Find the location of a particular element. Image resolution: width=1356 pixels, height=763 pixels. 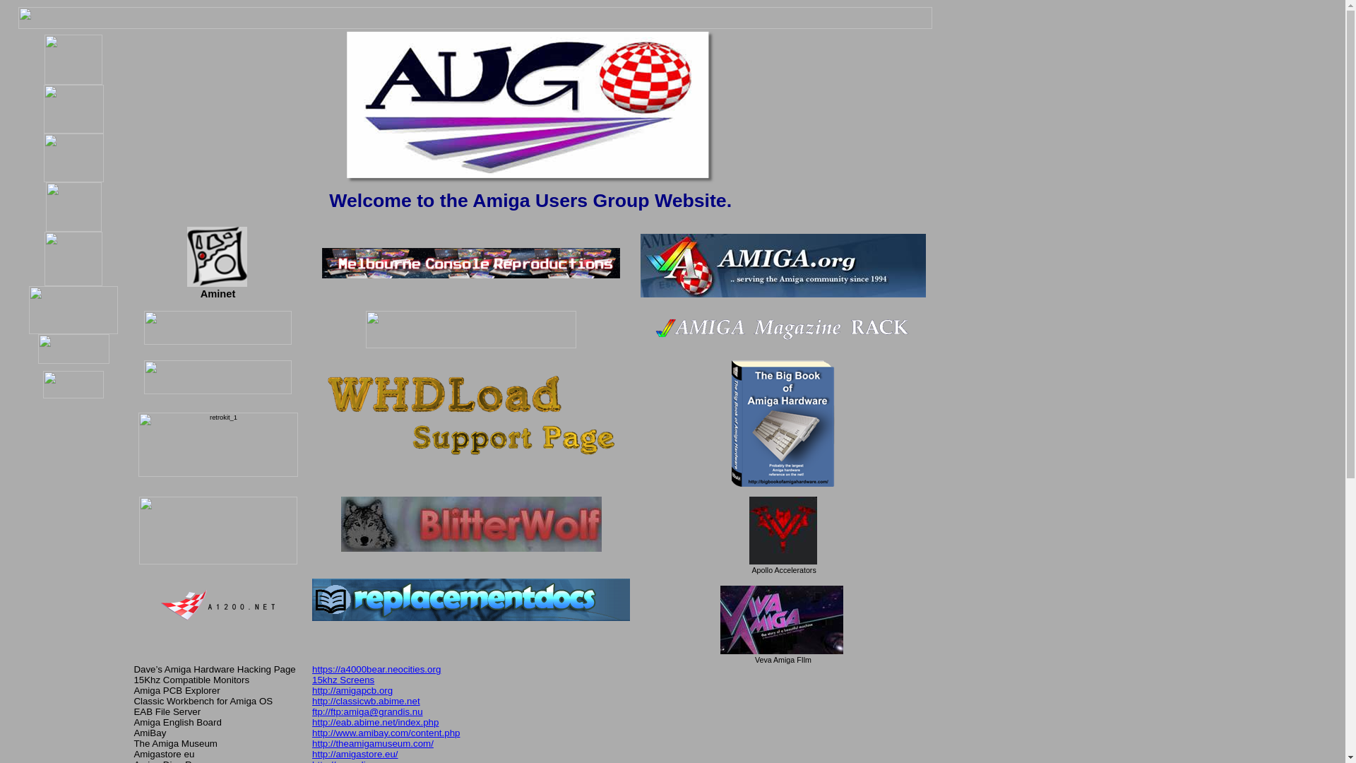

'http://eab.abime.net/index.php' is located at coordinates (375, 722).